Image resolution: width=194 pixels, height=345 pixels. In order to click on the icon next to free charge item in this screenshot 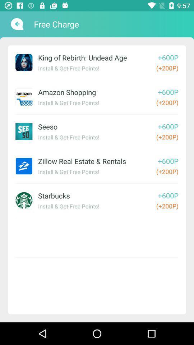, I will do `click(16, 24)`.